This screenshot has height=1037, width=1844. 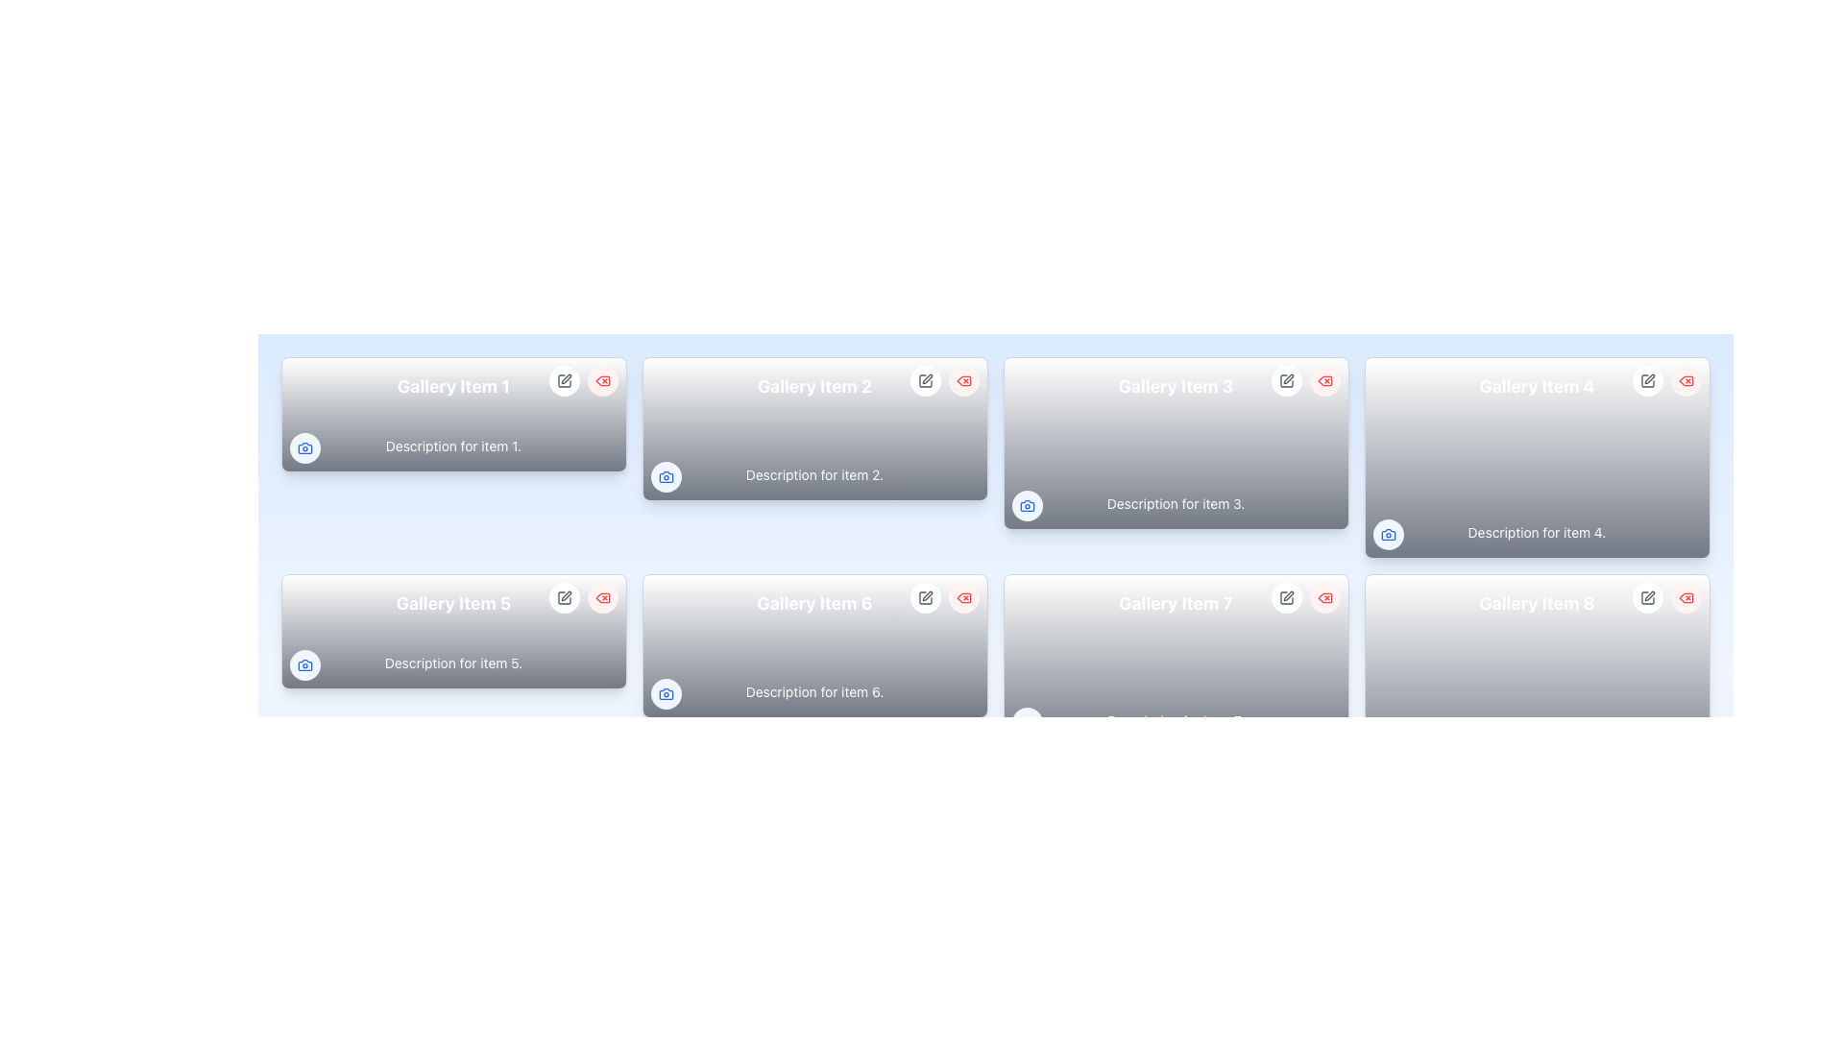 What do you see at coordinates (1685, 597) in the screenshot?
I see `the leftward-pointing arrow SVG icon located in the upper-right corner of the gray card labeled 'Gallery Item 4'` at bounding box center [1685, 597].